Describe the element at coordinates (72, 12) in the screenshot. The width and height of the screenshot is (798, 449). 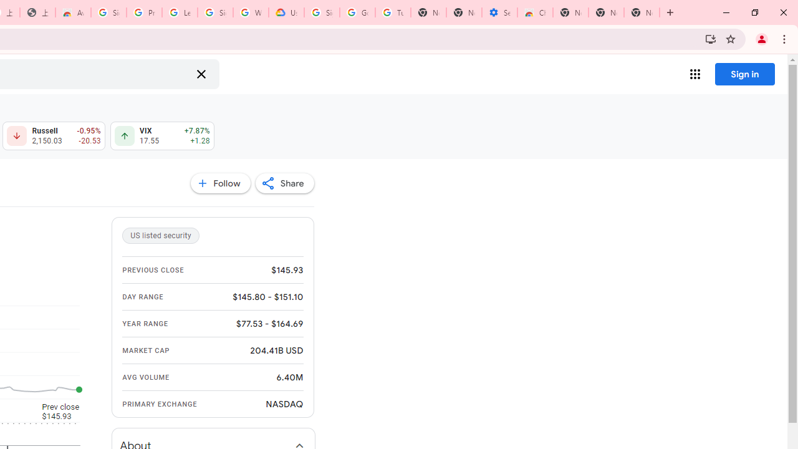
I see `'Awesome Screen Recorder & Screenshot - Chrome Web Store'` at that location.